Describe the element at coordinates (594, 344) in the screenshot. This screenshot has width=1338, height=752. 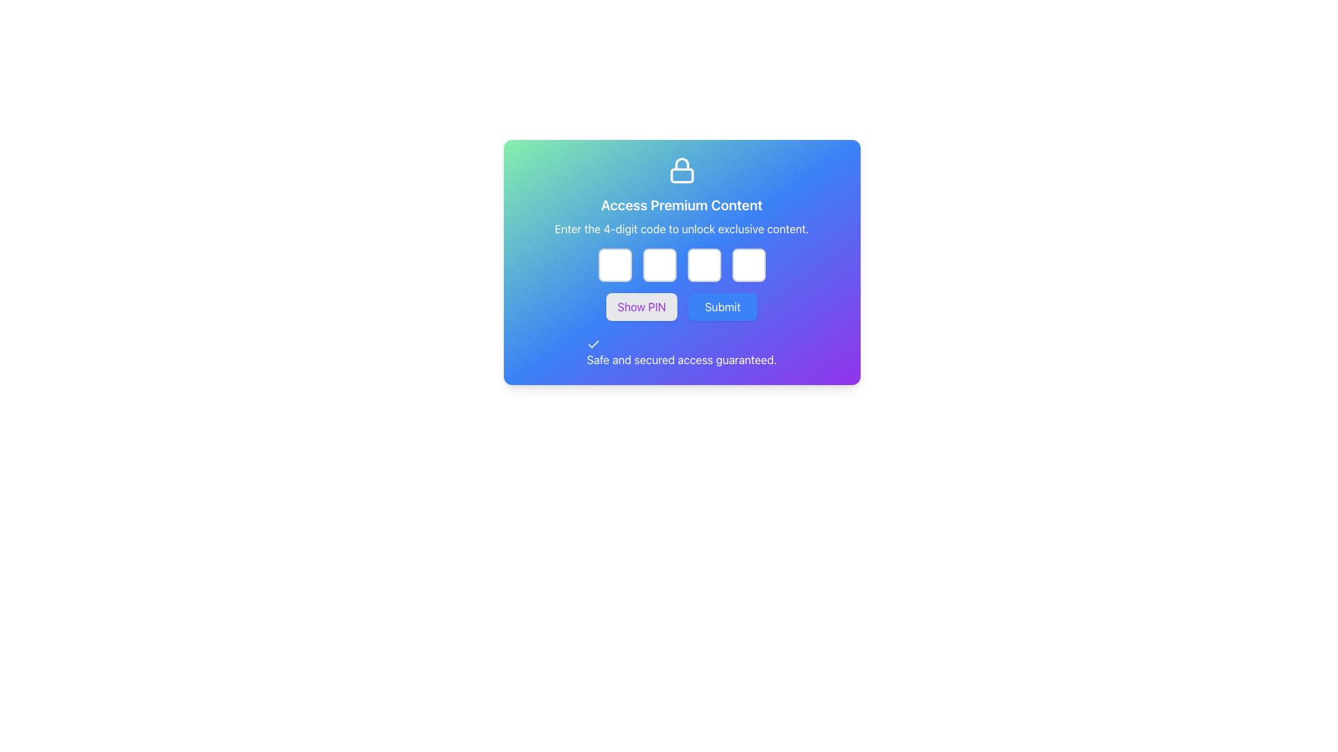
I see `the small checkmark icon with a white stroke on a blue background, located adjacent to the text 'Safe and secured access guaranteed.'` at that location.